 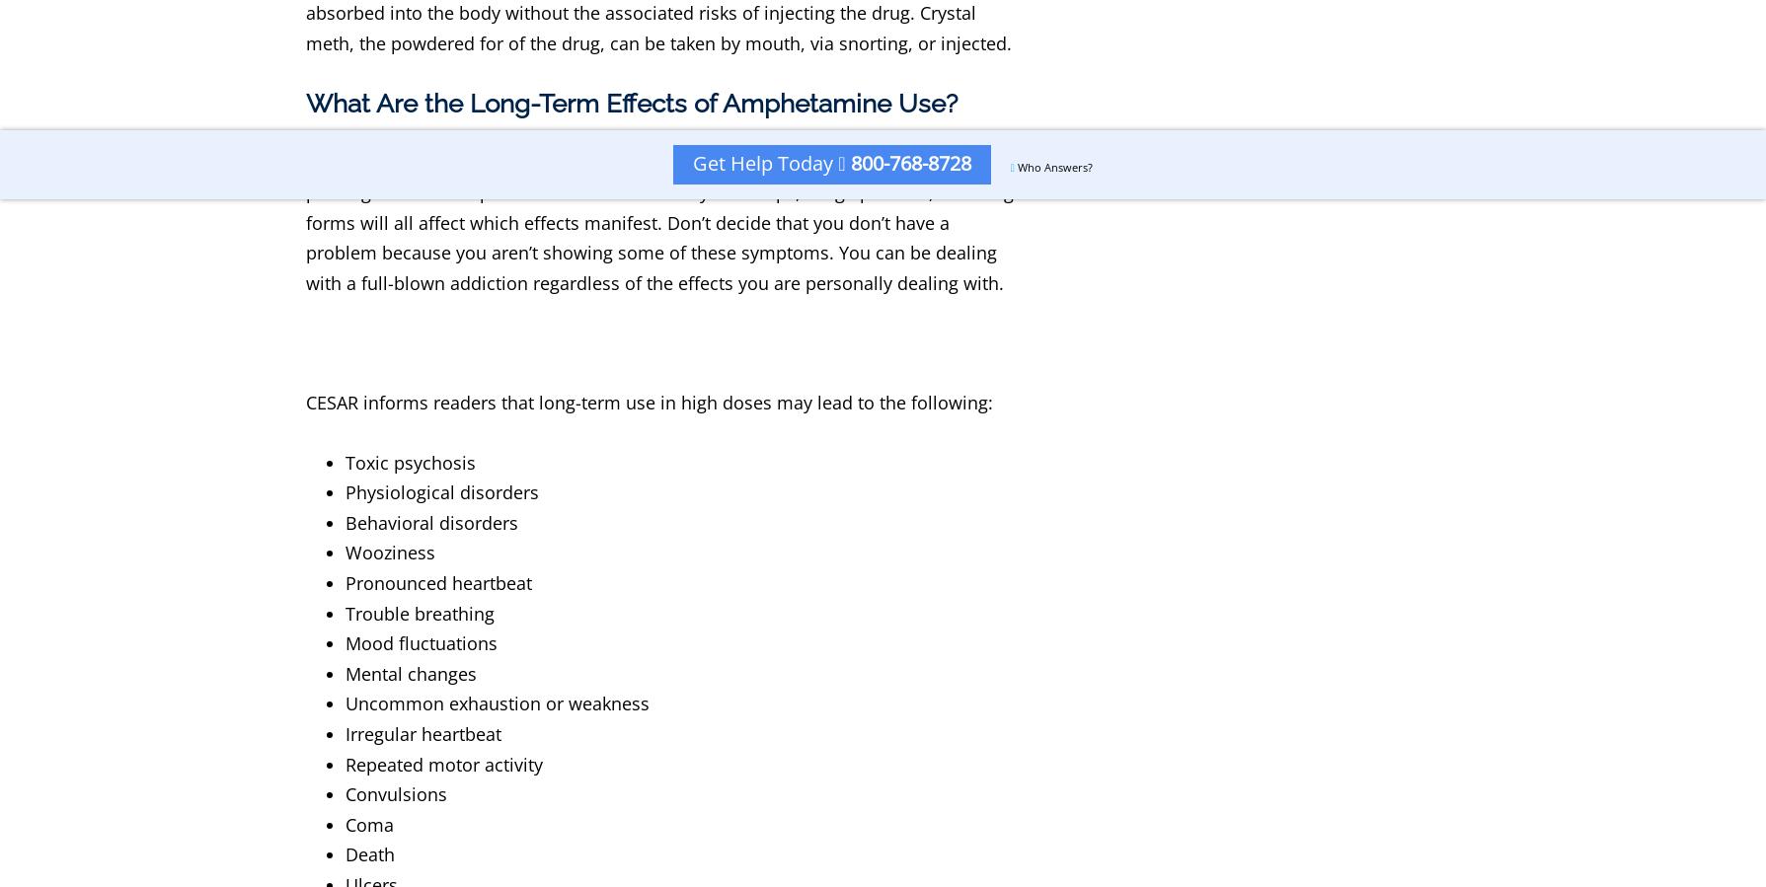 What do you see at coordinates (845, 163) in the screenshot?
I see `'800-768-8728'` at bounding box center [845, 163].